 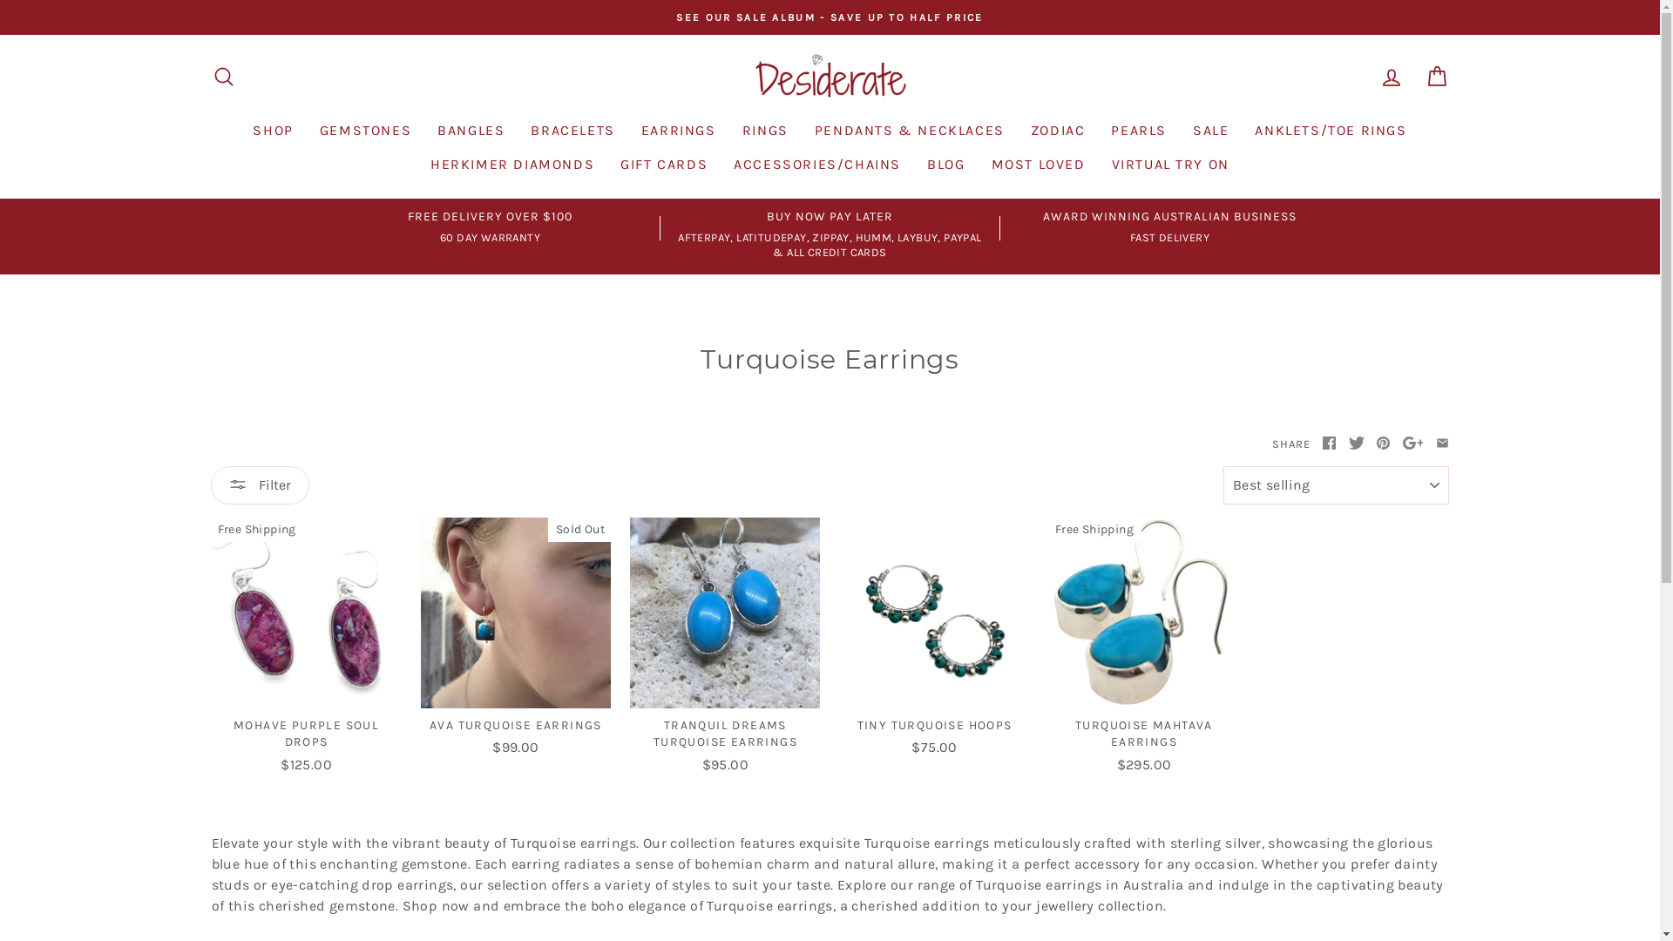 I want to click on 'HERKIMER DIAMONDS', so click(x=511, y=164).